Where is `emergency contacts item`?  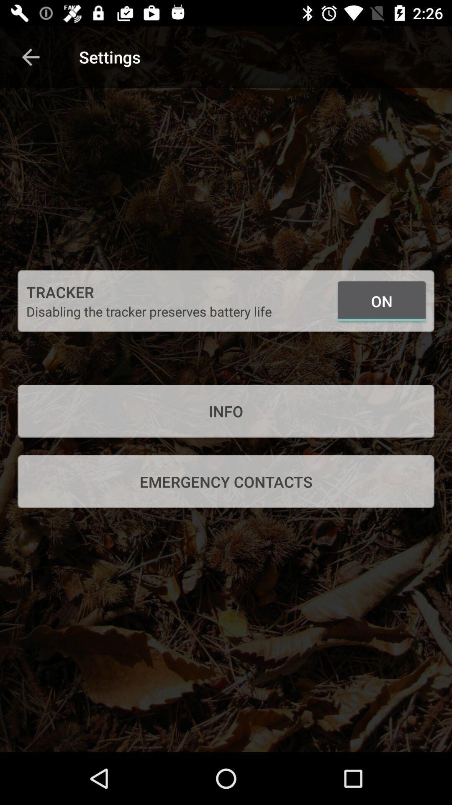 emergency contacts item is located at coordinates (226, 481).